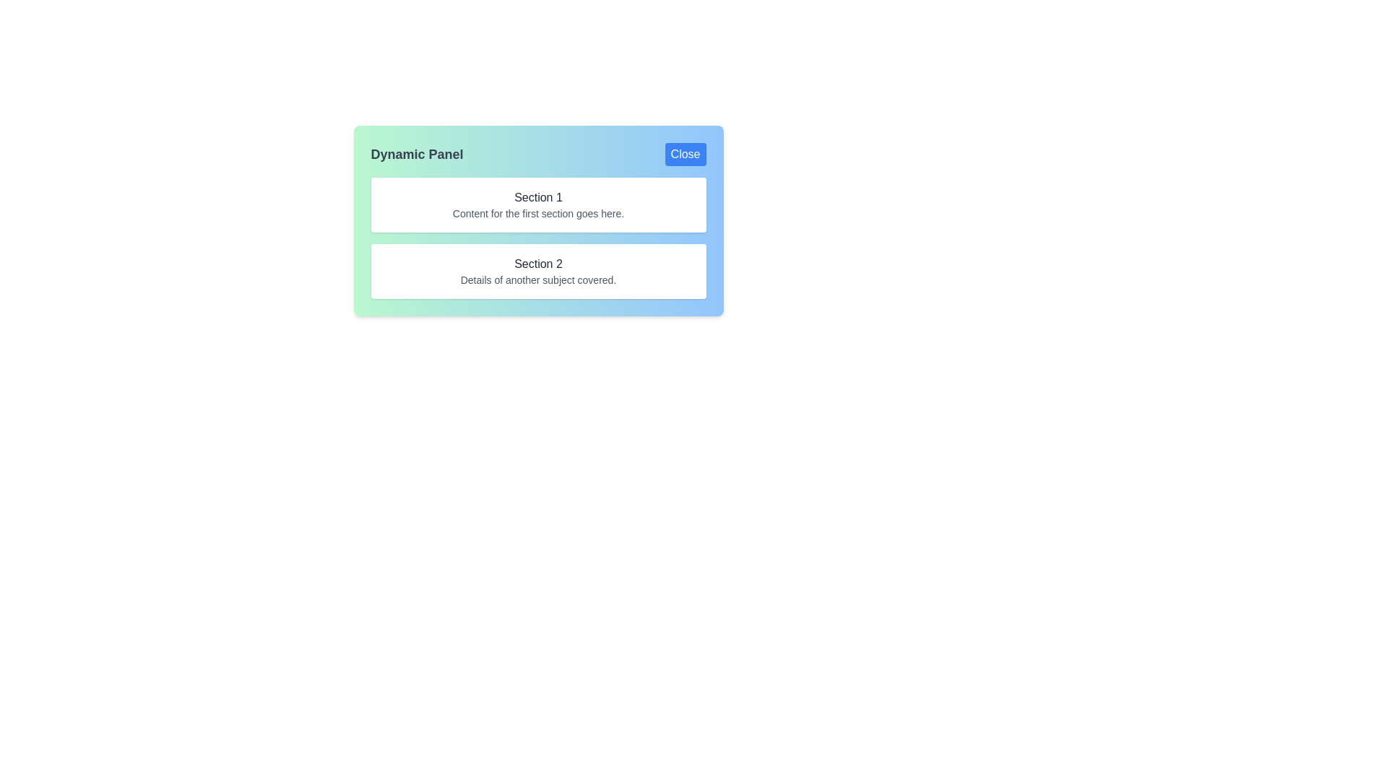  I want to click on the 'Close' button located in the top-right corner of the 'Dynamic Panel', which has white text on a blue background and a rounded design, so click(685, 154).